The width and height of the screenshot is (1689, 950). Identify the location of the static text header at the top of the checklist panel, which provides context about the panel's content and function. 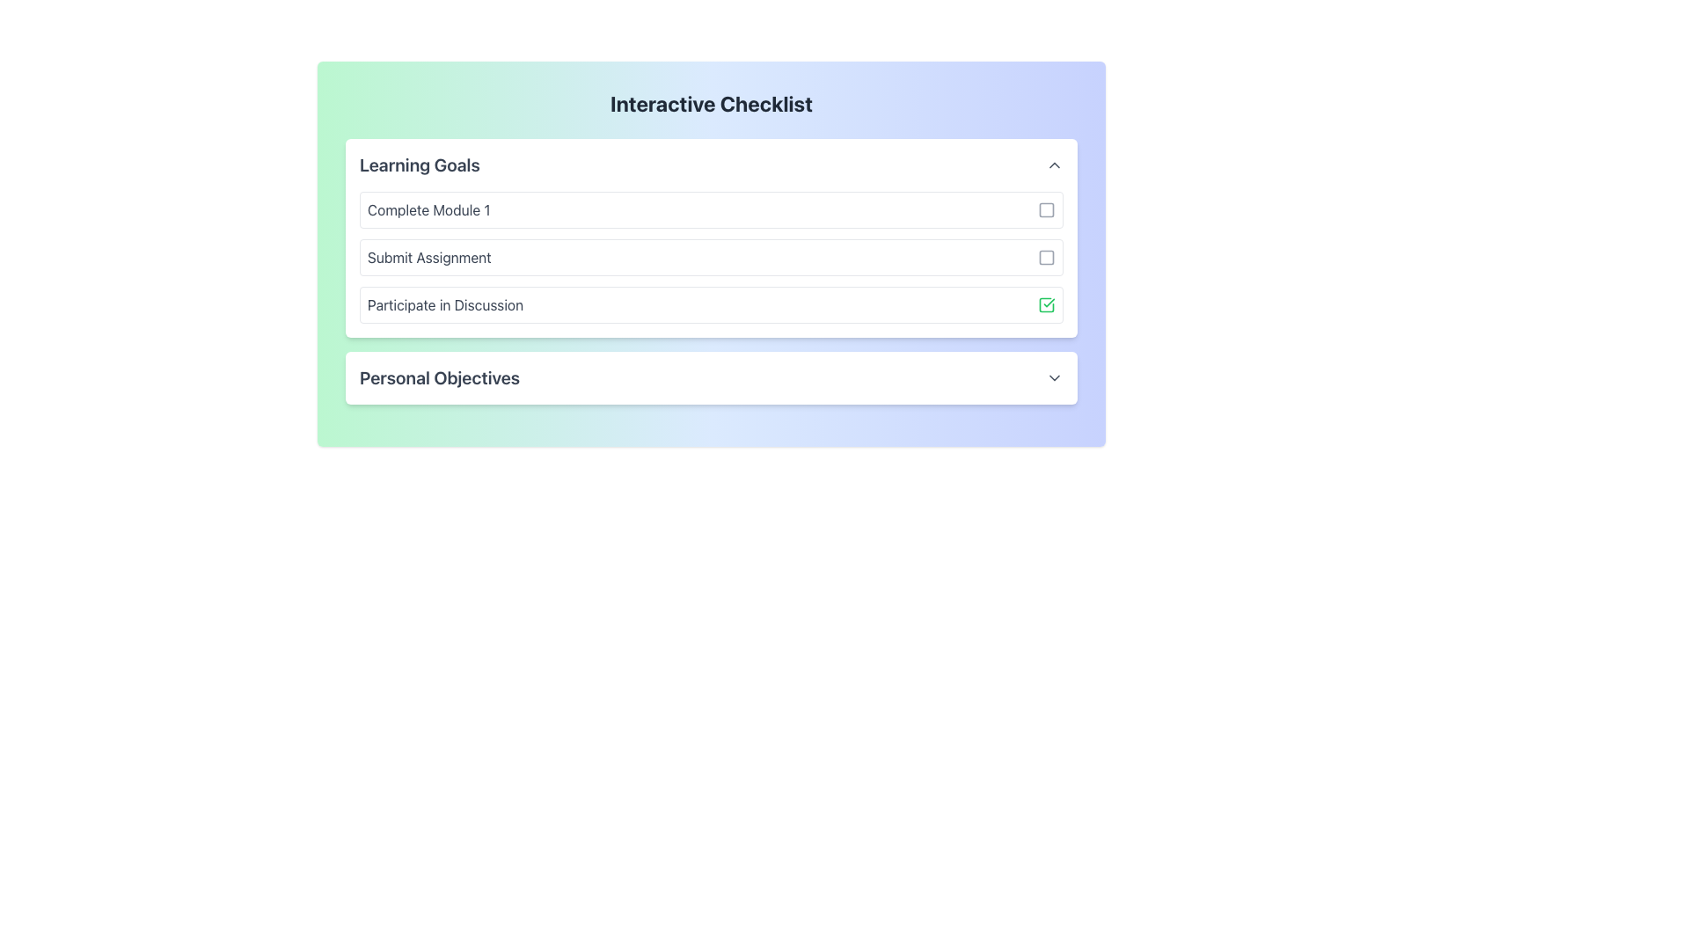
(712, 104).